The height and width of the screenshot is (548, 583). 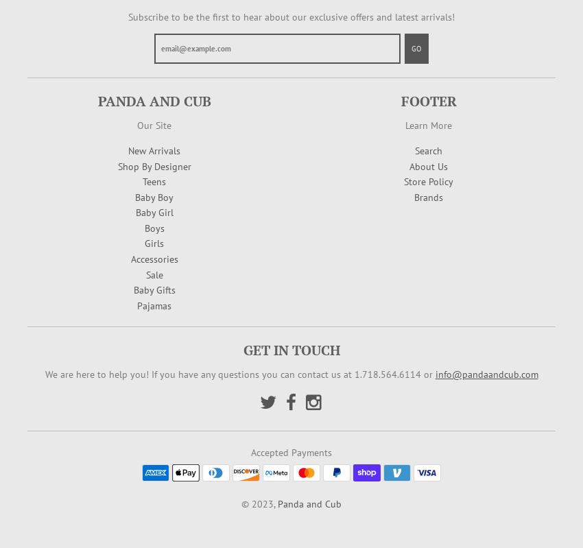 What do you see at coordinates (428, 182) in the screenshot?
I see `'Store Policy'` at bounding box center [428, 182].